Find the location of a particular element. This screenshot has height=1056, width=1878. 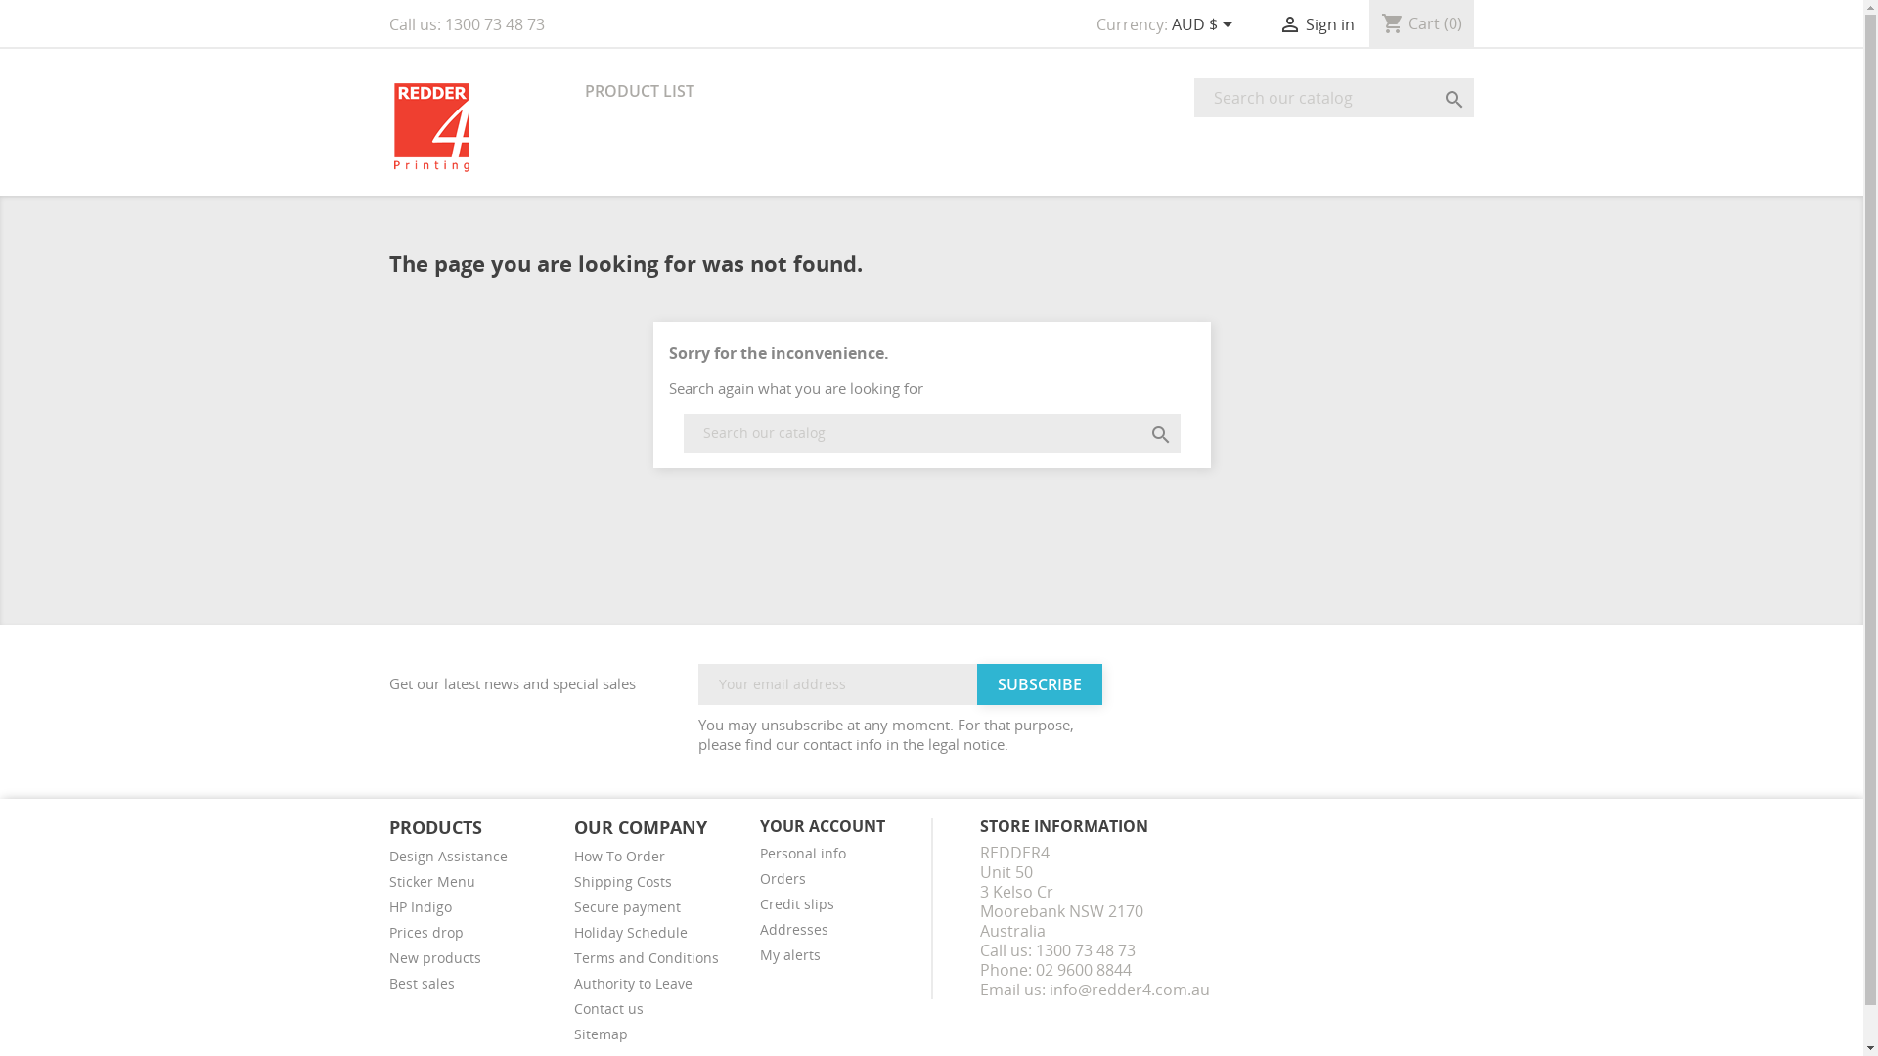

'My alerts' is located at coordinates (759, 953).